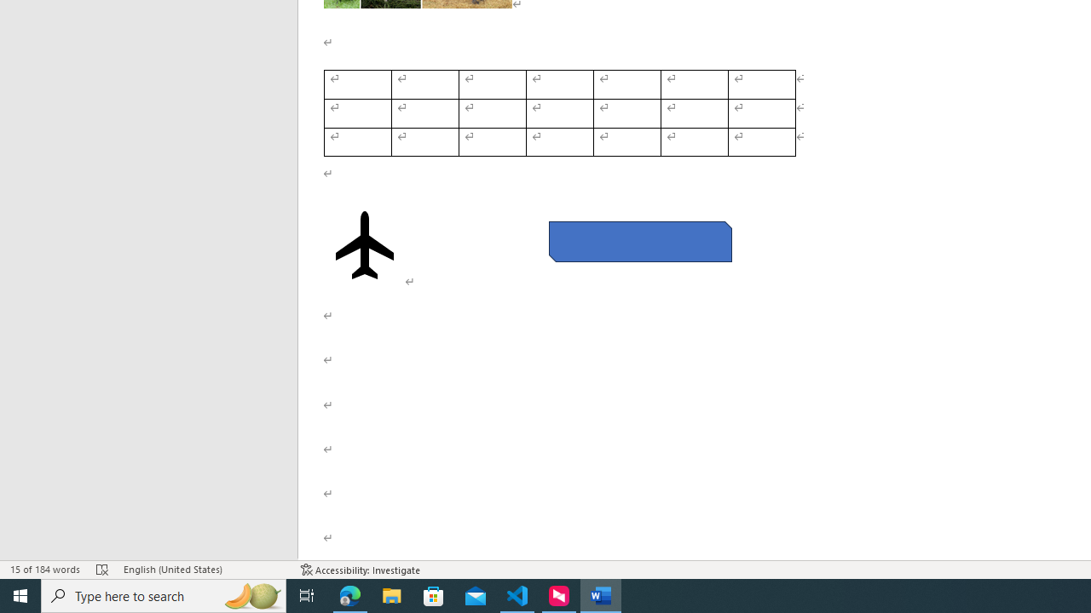 Image resolution: width=1091 pixels, height=613 pixels. What do you see at coordinates (45, 570) in the screenshot?
I see `'Word Count 15 of 184 words'` at bounding box center [45, 570].